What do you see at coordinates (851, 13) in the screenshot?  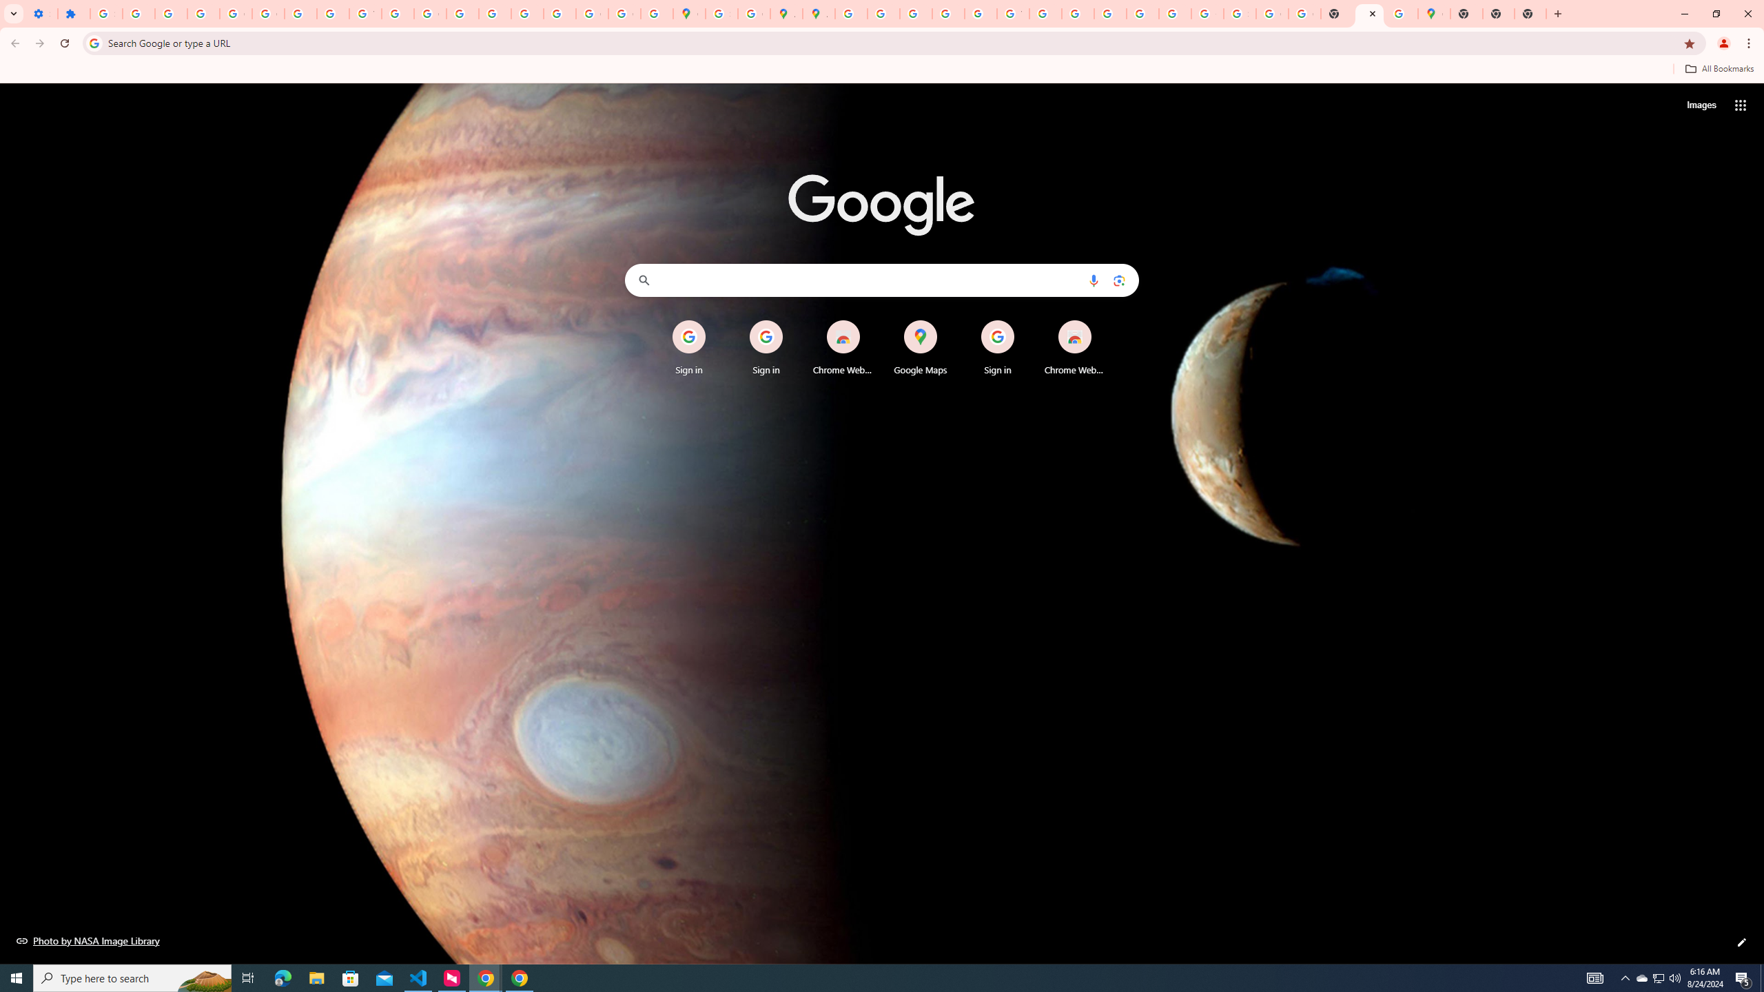 I see `'Policy Accountability and Transparency - Transparency Center'` at bounding box center [851, 13].